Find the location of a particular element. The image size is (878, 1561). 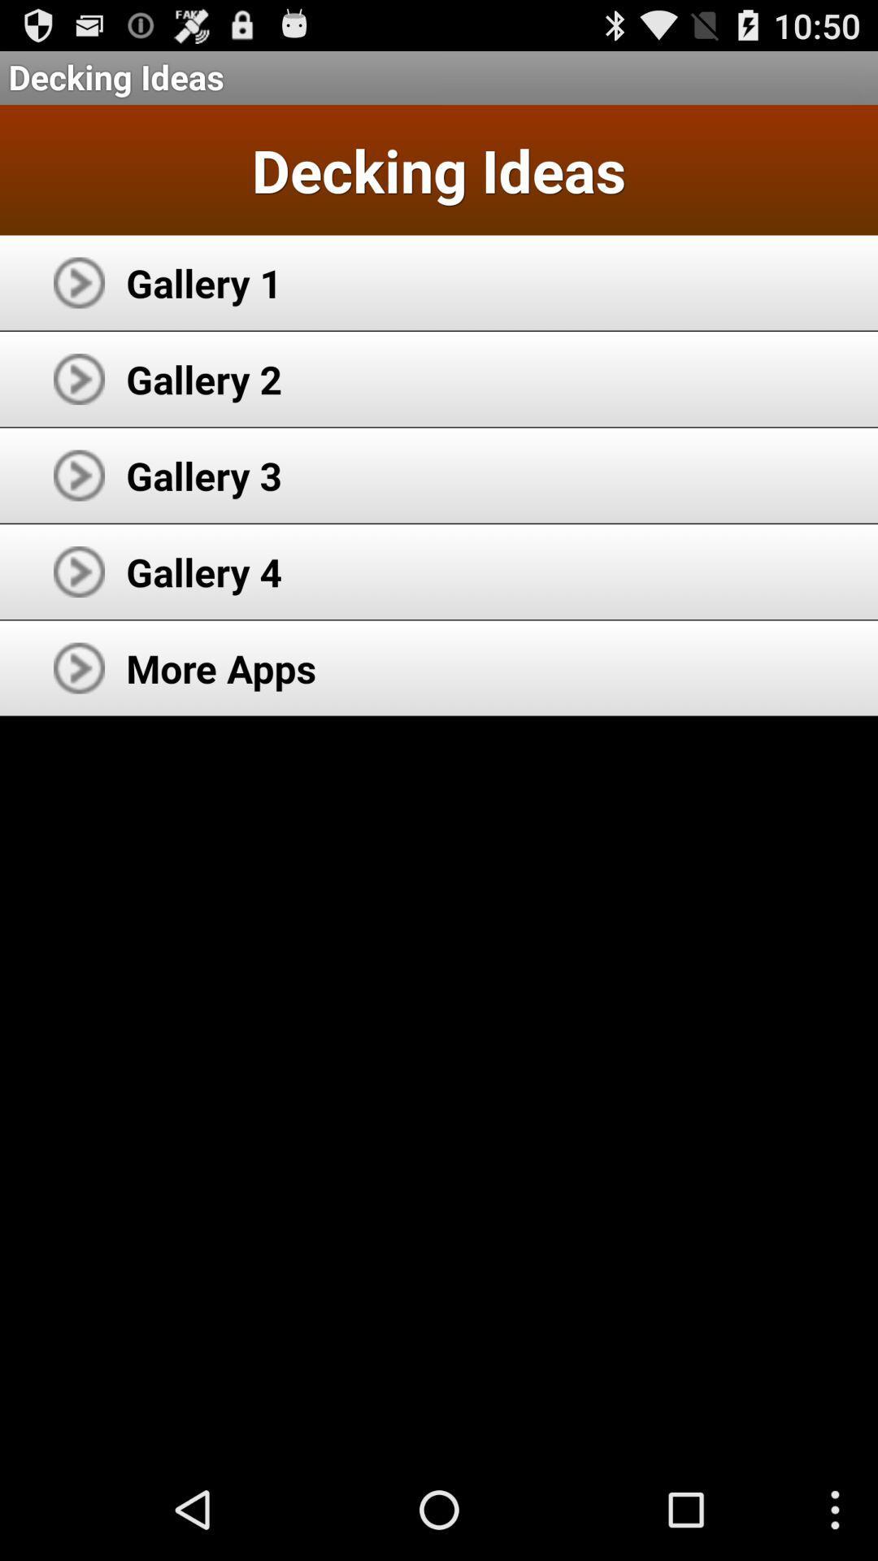

the third drop down is located at coordinates (79, 475).